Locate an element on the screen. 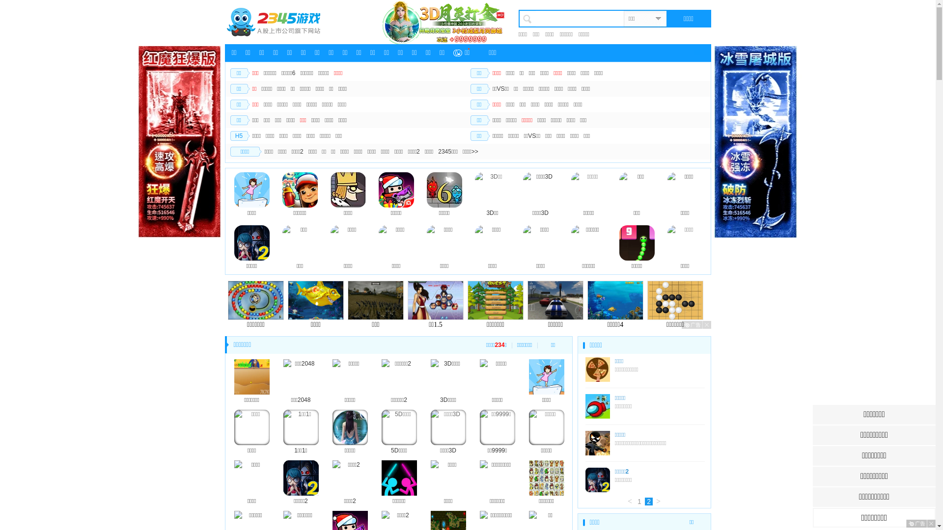 This screenshot has height=530, width=943. '<' is located at coordinates (629, 502).